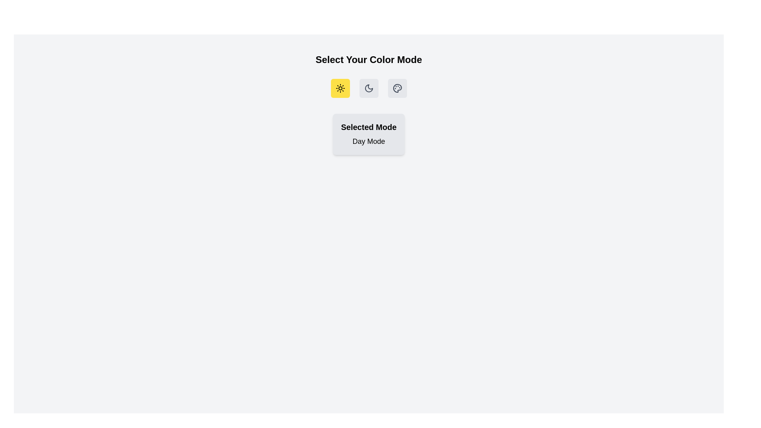 The width and height of the screenshot is (761, 428). What do you see at coordinates (368, 59) in the screenshot?
I see `the text 'Select Your Color Mode' to focus on it` at bounding box center [368, 59].